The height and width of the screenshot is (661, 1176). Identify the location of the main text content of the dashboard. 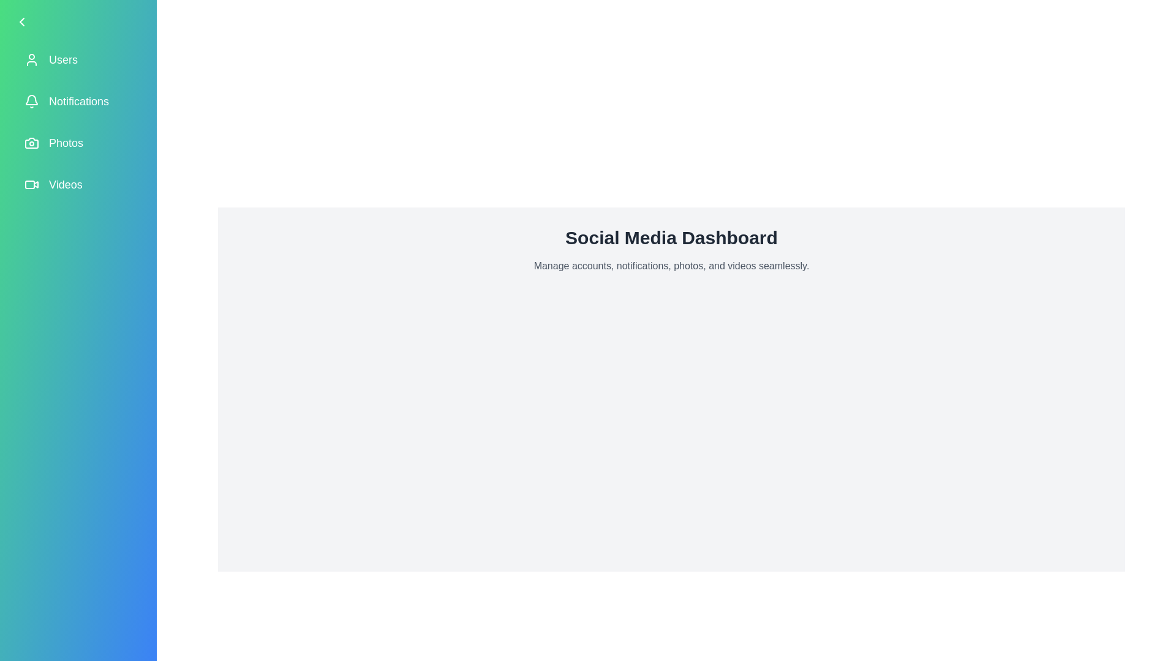
(671, 266).